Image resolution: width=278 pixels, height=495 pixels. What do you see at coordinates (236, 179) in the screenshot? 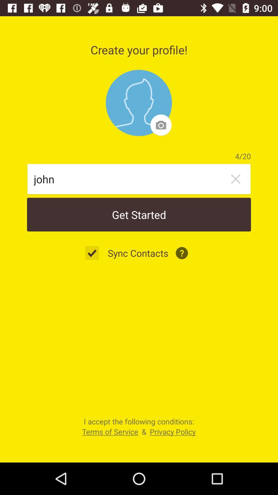
I see `the item below 4/20` at bounding box center [236, 179].